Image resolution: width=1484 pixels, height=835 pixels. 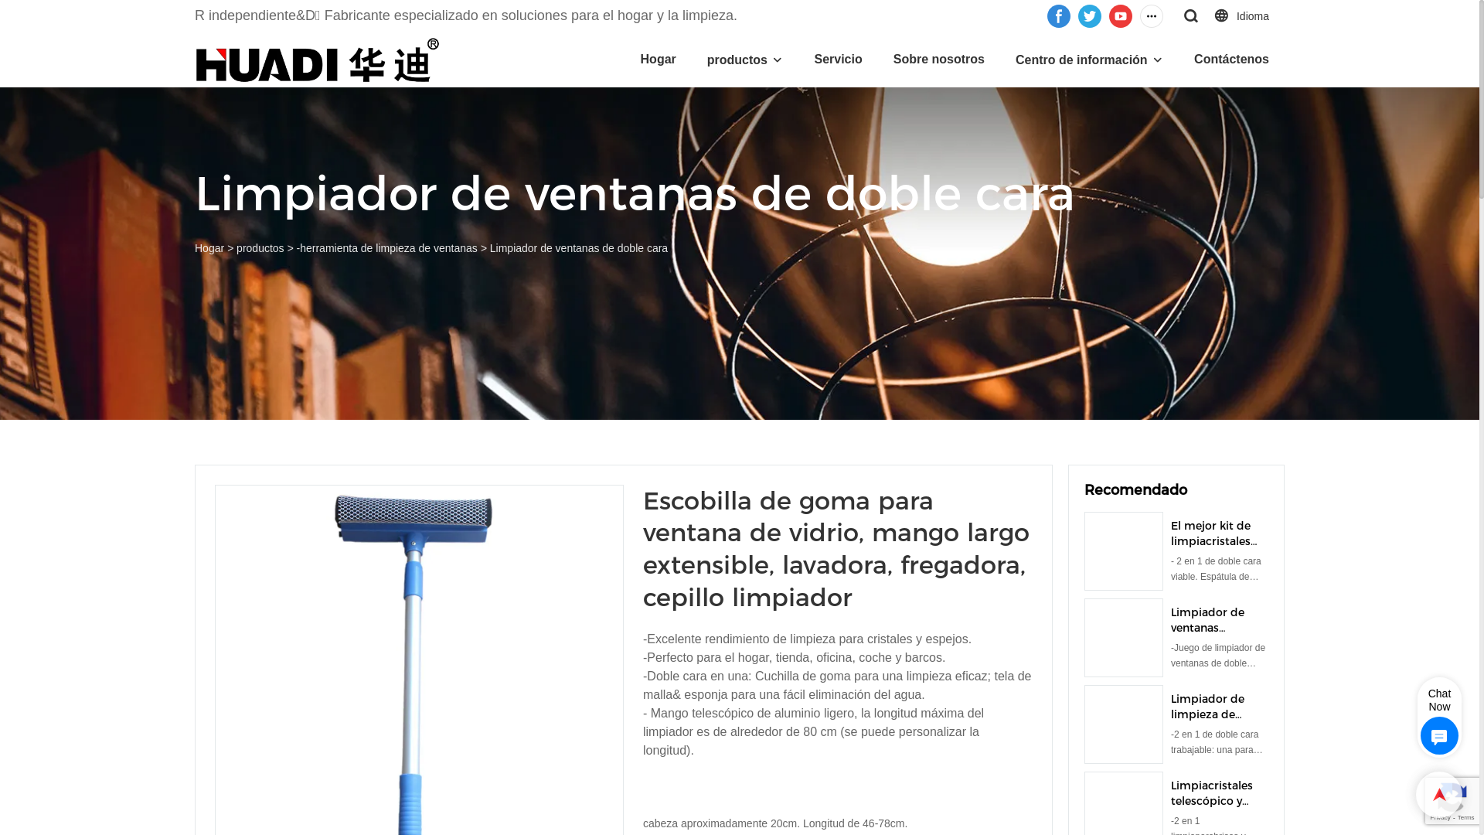 I want to click on '-herramienta de limpieza de ventanas', so click(x=386, y=247).